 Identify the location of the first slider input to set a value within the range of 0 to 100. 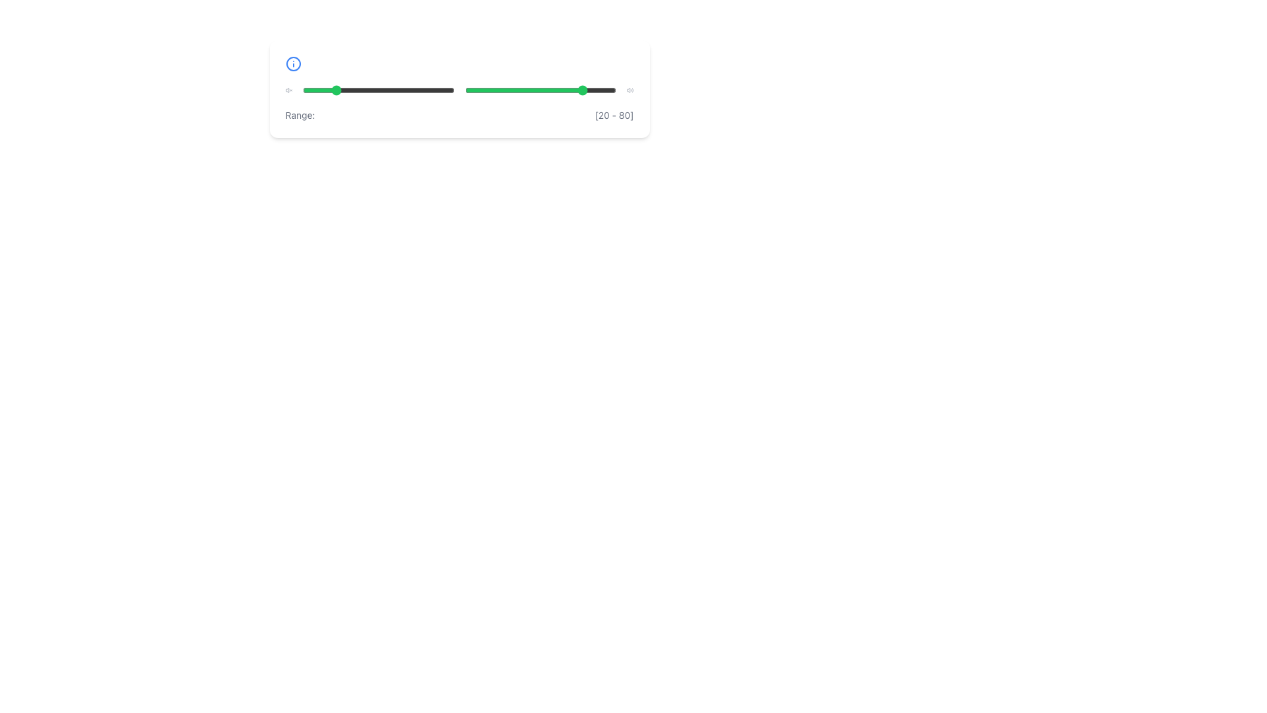
(377, 90).